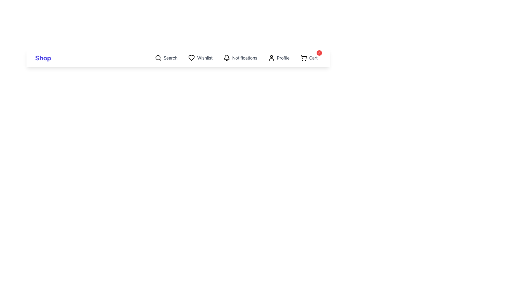 The height and width of the screenshot is (295, 524). What do you see at coordinates (158, 58) in the screenshot?
I see `the magnifying glass icon located at the leftmost side of the 'Search' navigation link to initiate a search function` at bounding box center [158, 58].